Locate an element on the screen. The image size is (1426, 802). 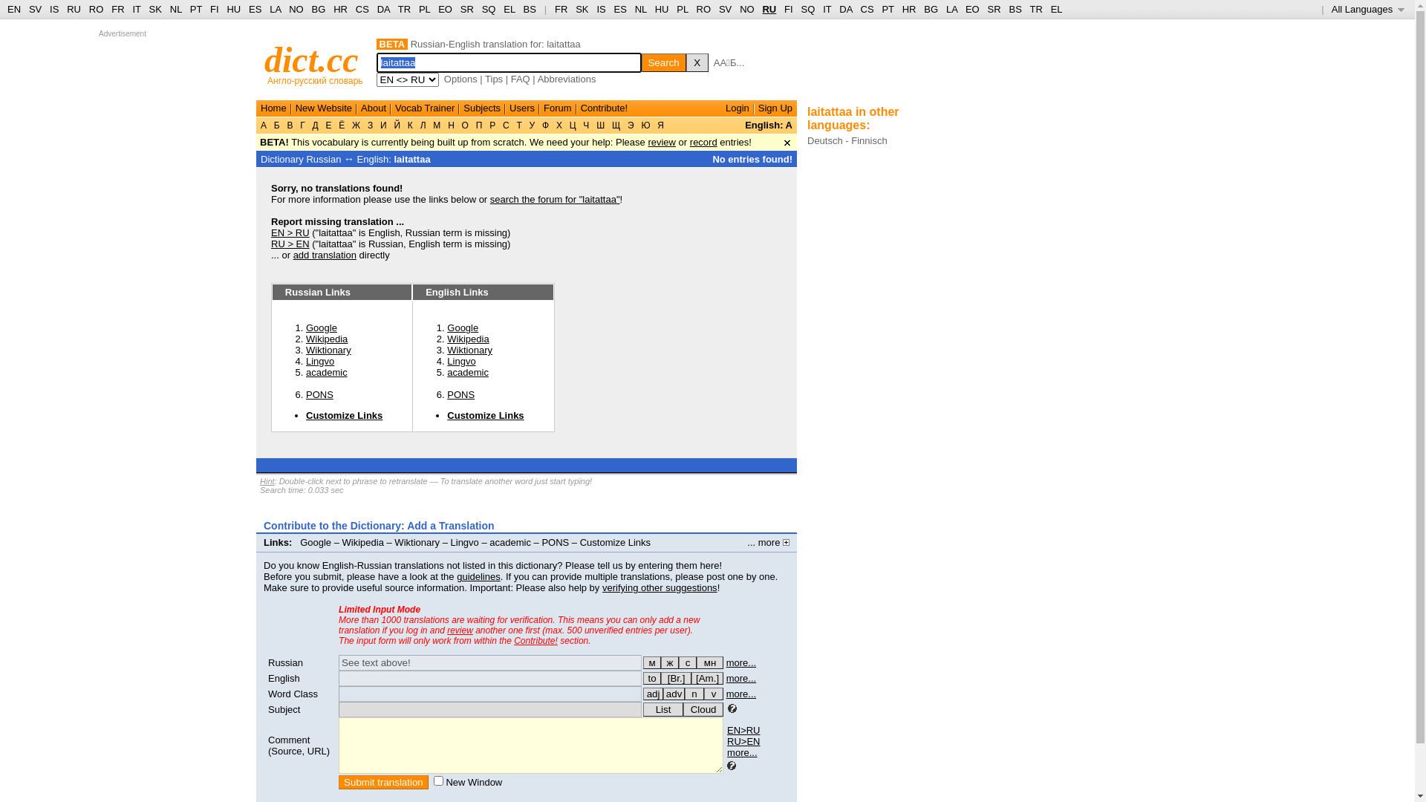
'BS' is located at coordinates (530, 9).